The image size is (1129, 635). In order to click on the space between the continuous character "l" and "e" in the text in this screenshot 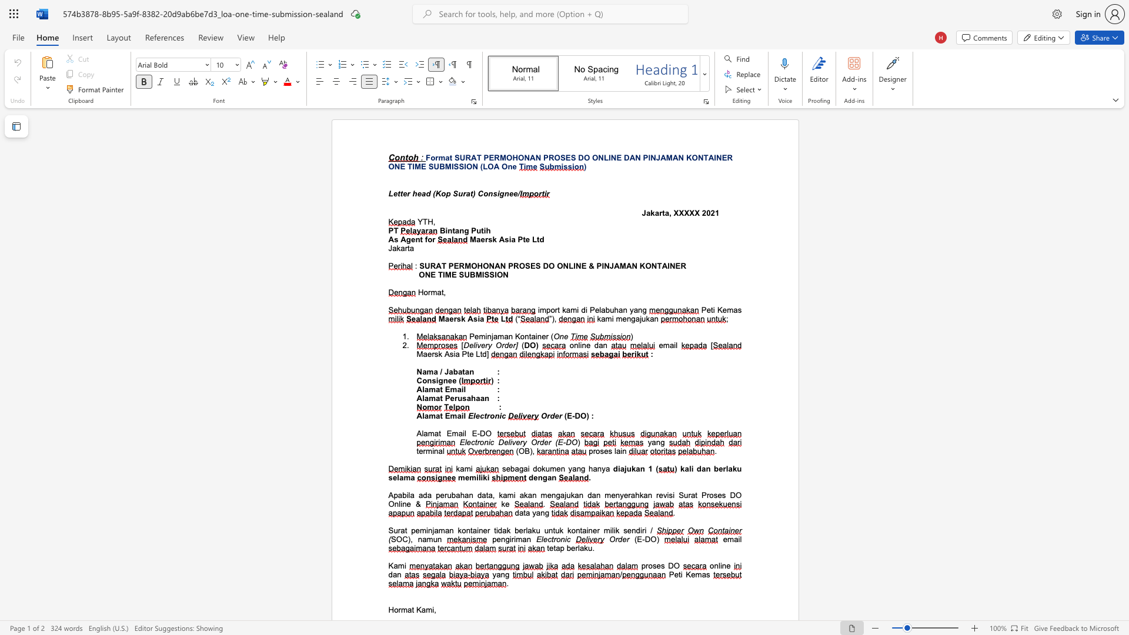, I will do `click(476, 415)`.